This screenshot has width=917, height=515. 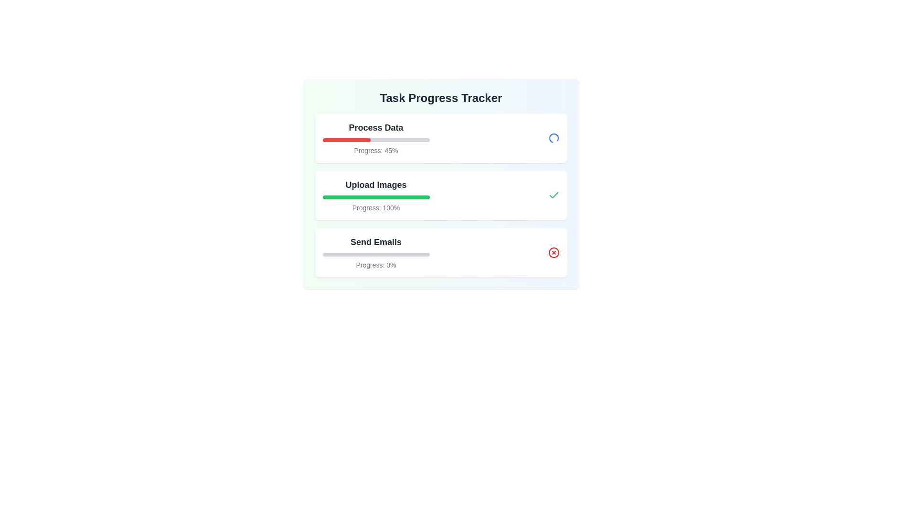 I want to click on displayed progress information from the text label located below the progress bar, which indicates the completion percentage of the task, so click(x=375, y=150).